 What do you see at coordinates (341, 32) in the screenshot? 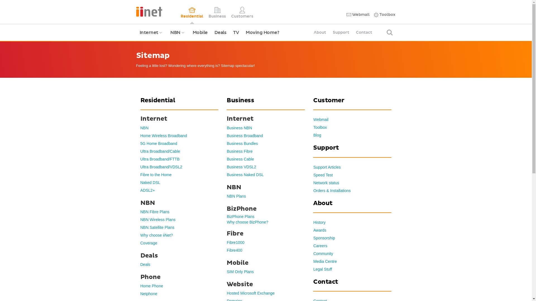
I see `'Support'` at bounding box center [341, 32].